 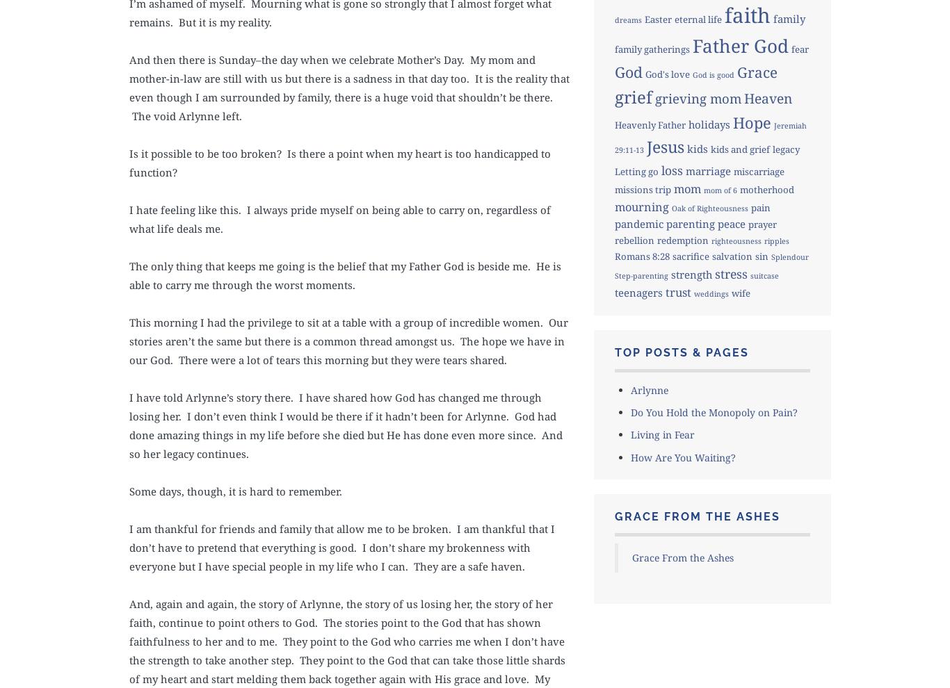 What do you see at coordinates (760, 255) in the screenshot?
I see `'sin'` at bounding box center [760, 255].